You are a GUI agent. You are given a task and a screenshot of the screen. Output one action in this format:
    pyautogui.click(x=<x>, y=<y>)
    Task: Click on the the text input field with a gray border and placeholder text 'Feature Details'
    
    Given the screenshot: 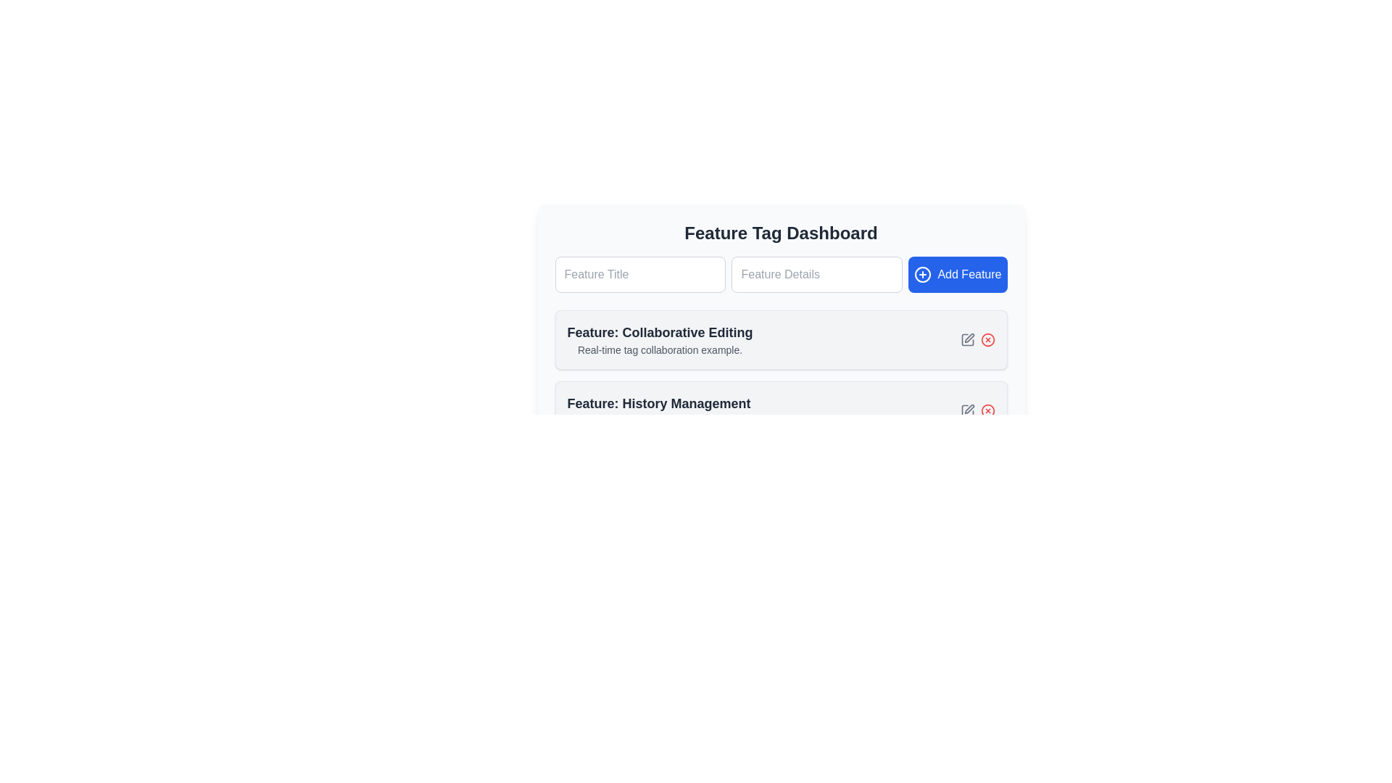 What is the action you would take?
    pyautogui.click(x=817, y=274)
    